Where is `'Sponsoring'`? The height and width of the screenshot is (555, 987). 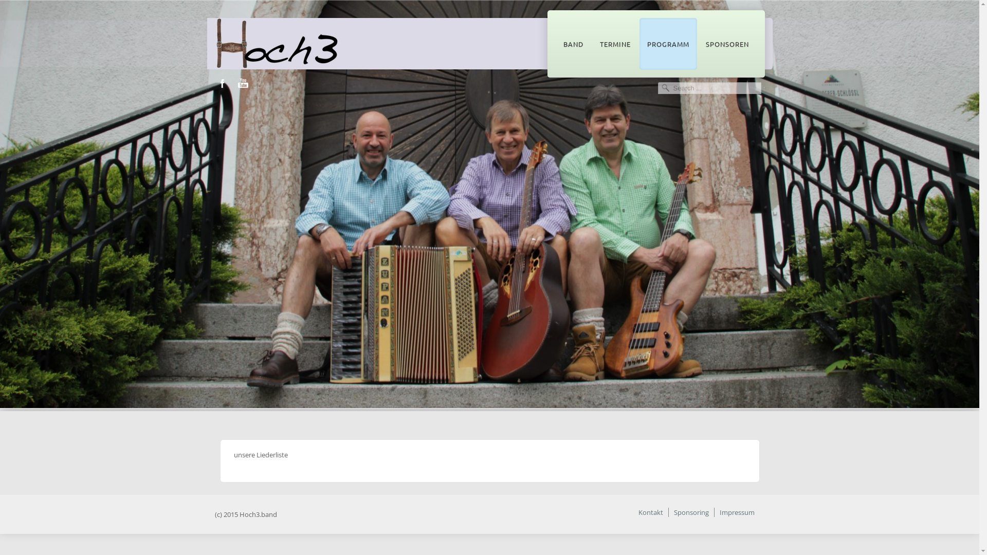 'Sponsoring' is located at coordinates (691, 512).